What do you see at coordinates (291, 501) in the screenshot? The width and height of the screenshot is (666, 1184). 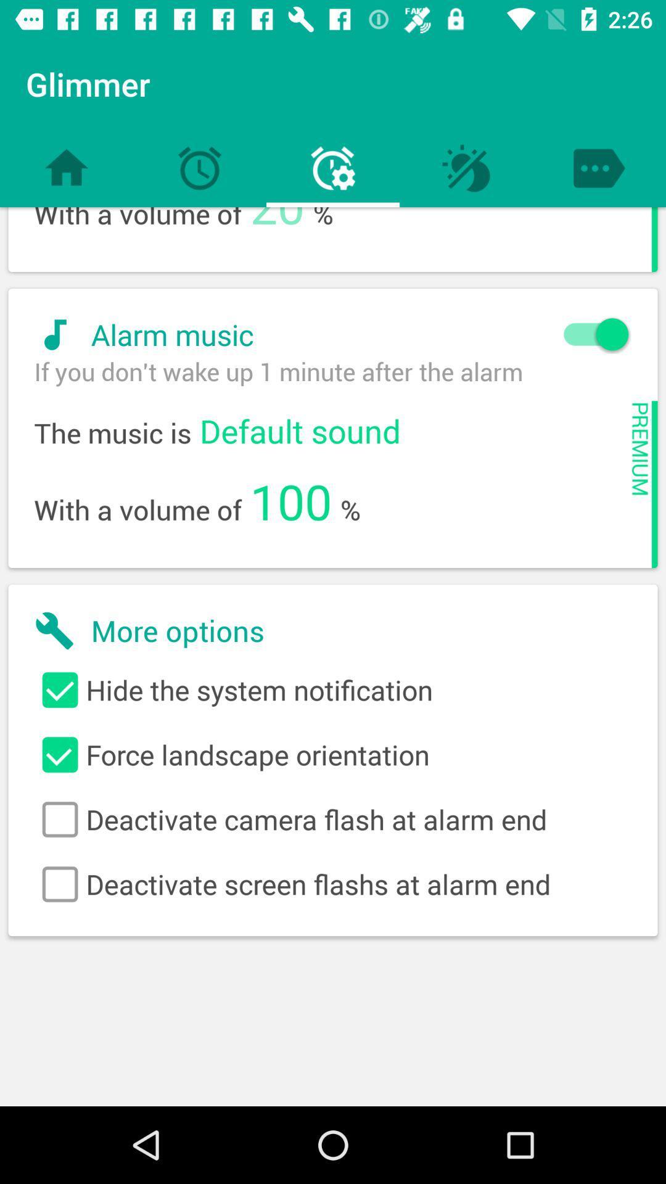 I see `item next to with a volume item` at bounding box center [291, 501].